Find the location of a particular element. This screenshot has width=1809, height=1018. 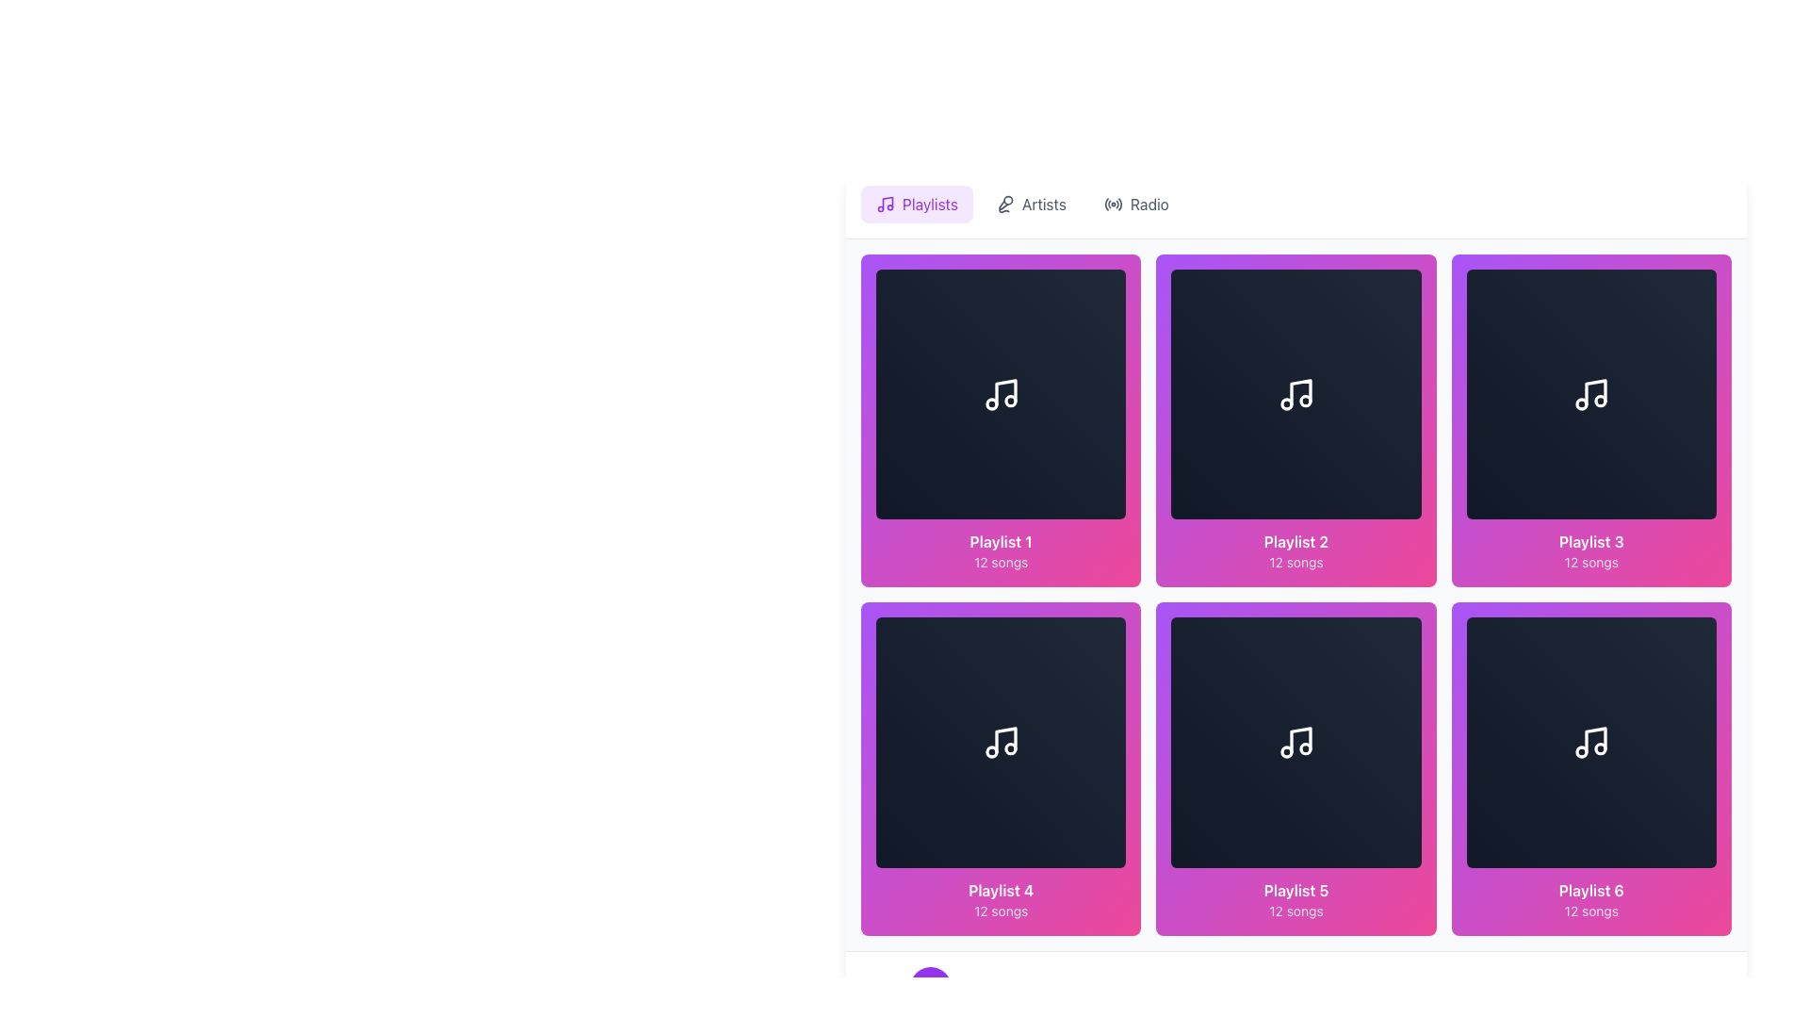

the interactive playlist card is located at coordinates (1590, 769).